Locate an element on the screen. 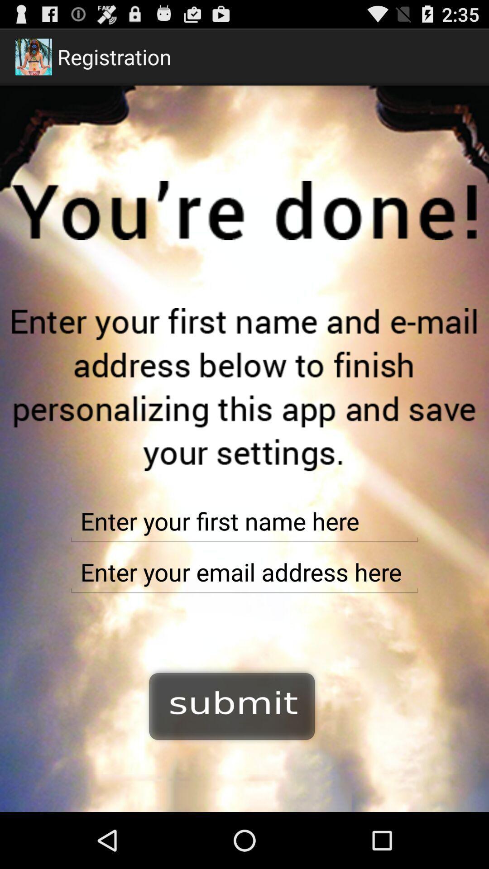 Image resolution: width=489 pixels, height=869 pixels. submit is located at coordinates (232, 705).